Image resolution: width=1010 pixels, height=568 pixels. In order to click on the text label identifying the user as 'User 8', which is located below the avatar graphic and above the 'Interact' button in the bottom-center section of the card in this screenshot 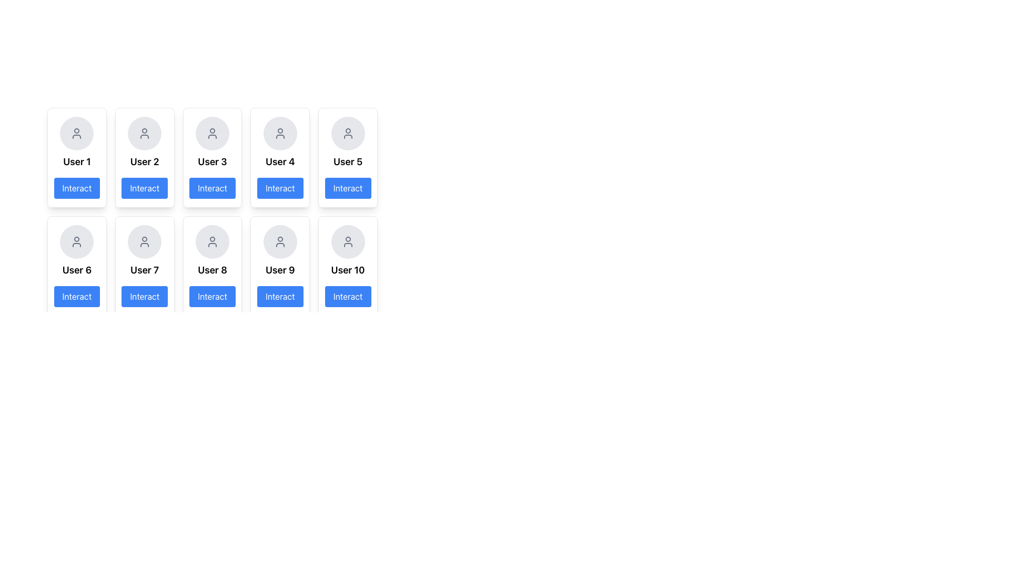, I will do `click(211, 269)`.